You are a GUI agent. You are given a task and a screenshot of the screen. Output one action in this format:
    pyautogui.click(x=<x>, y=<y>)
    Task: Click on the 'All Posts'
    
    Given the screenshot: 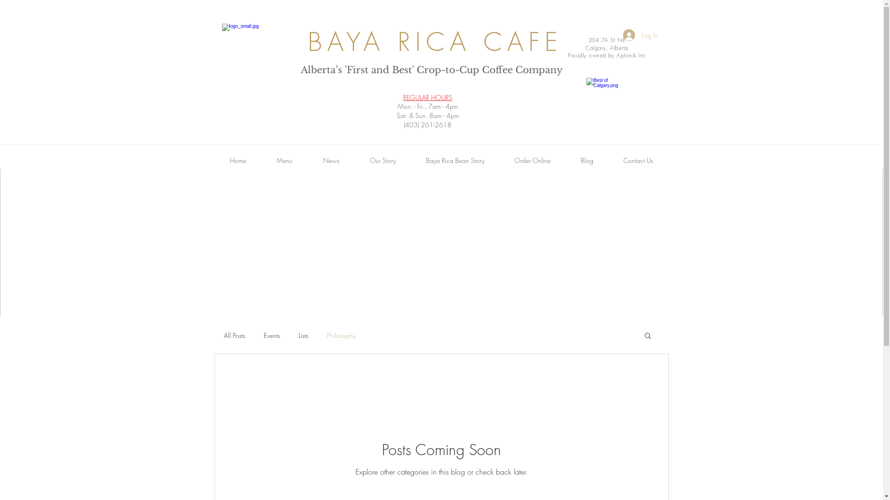 What is the action you would take?
    pyautogui.click(x=234, y=335)
    